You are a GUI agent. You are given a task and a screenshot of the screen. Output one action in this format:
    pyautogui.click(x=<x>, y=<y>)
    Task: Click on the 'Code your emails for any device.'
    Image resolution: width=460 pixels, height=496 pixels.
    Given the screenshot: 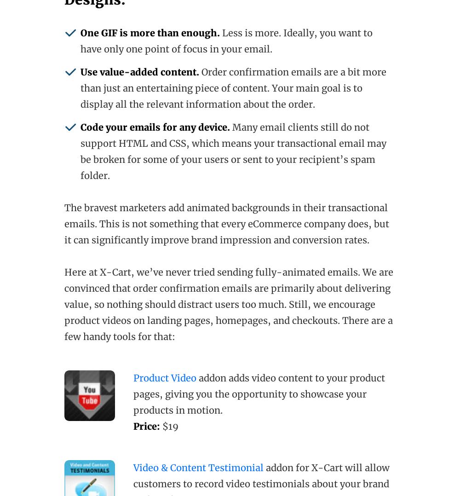 What is the action you would take?
    pyautogui.click(x=155, y=127)
    